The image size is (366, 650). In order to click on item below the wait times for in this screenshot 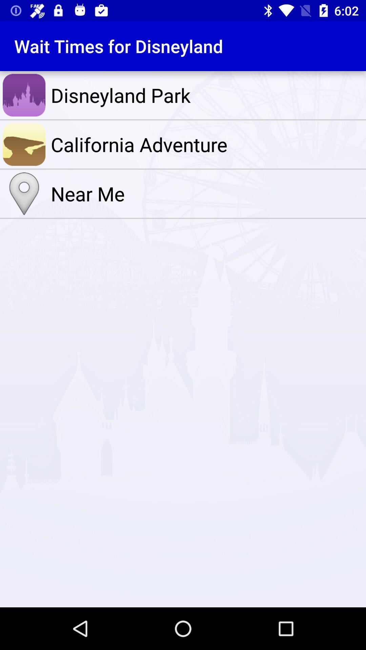, I will do `click(206, 95)`.